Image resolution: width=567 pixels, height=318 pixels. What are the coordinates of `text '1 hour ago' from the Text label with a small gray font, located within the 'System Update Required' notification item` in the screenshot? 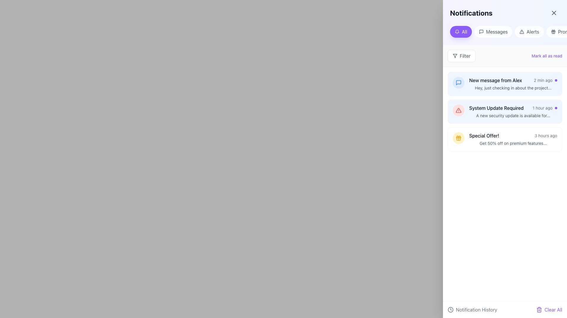 It's located at (545, 108).